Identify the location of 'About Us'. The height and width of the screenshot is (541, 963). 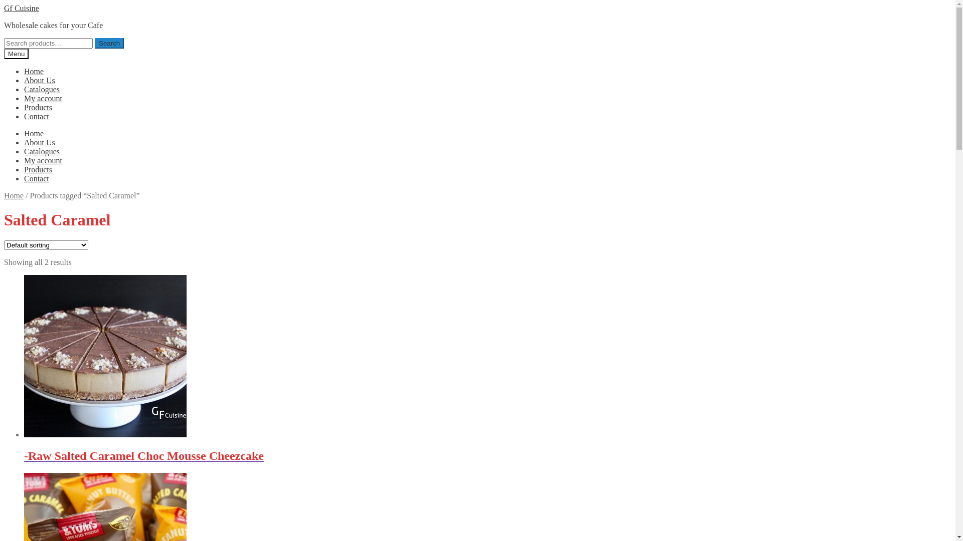
(39, 80).